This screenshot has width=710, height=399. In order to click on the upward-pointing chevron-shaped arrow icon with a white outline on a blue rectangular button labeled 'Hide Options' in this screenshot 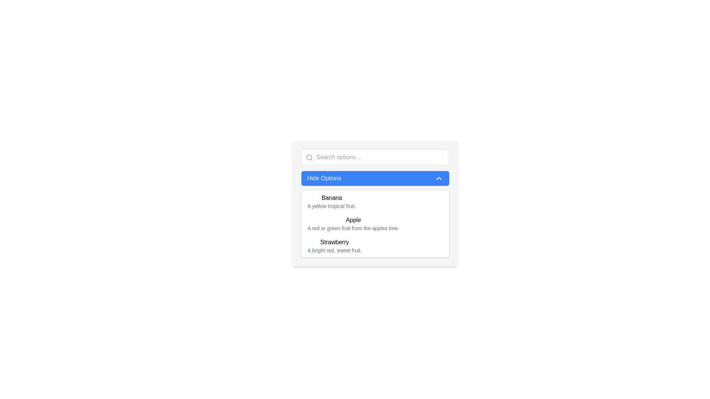, I will do `click(439, 178)`.